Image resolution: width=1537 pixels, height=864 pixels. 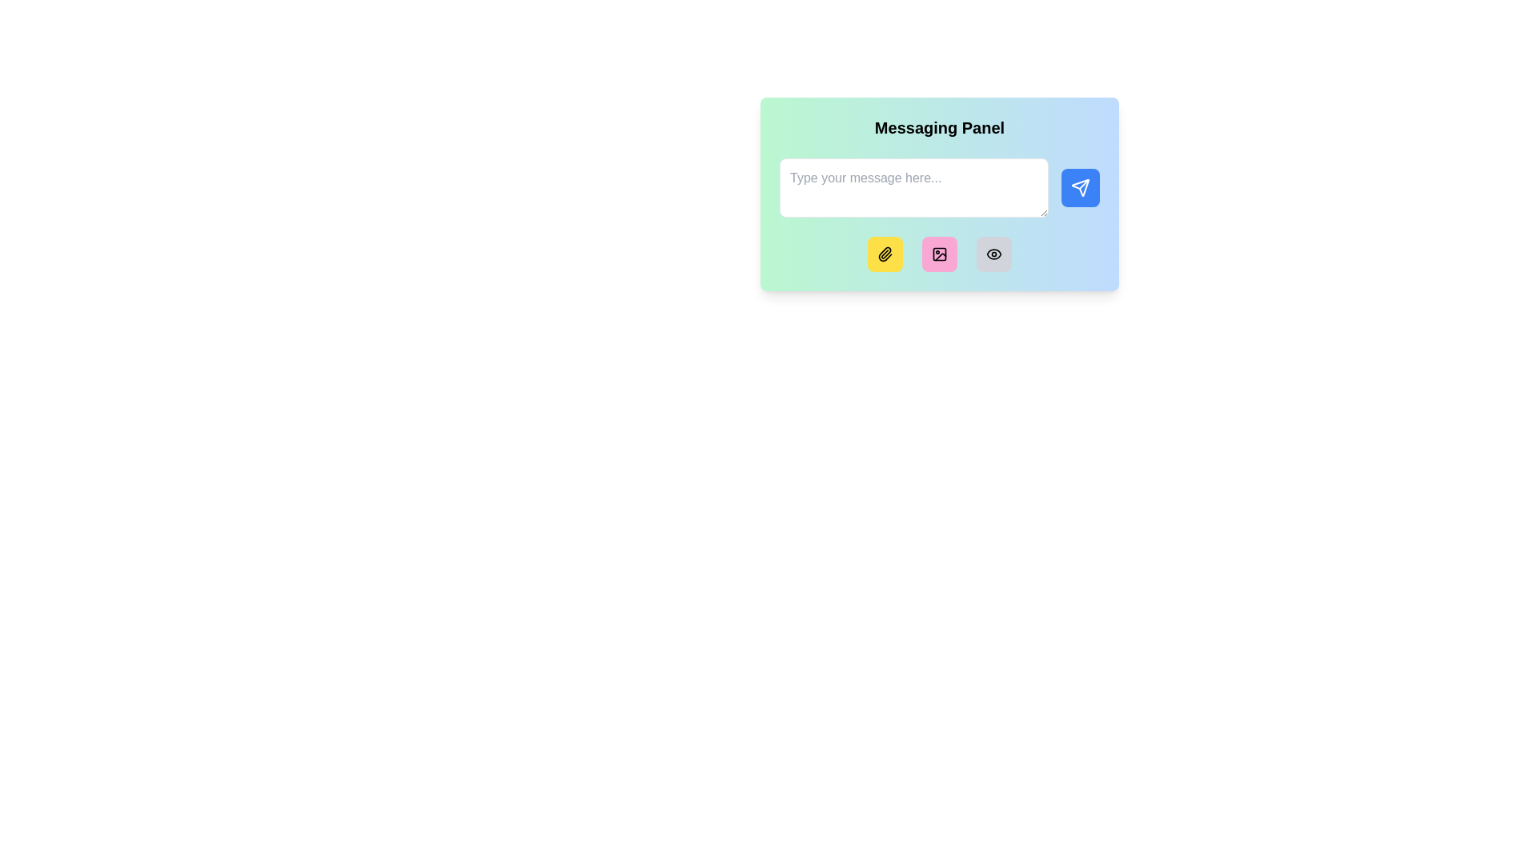 I want to click on the send icon graphic located in the bottom-right region of the Messaging Panel interface to send a message, so click(x=1084, y=183).